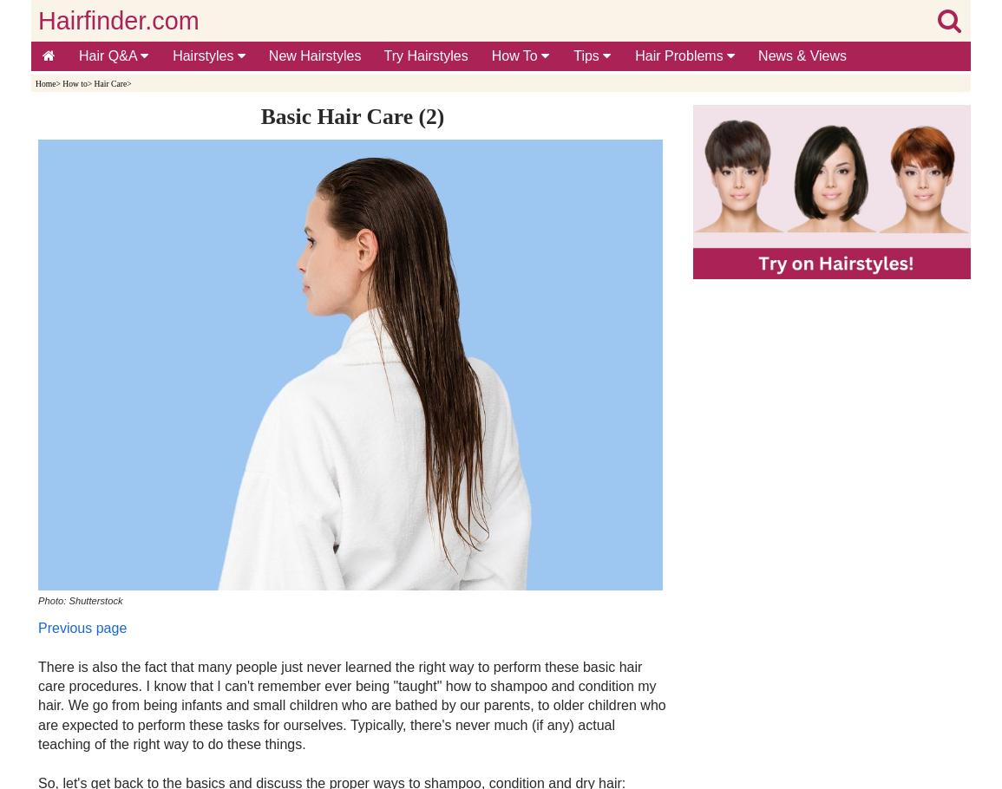  I want to click on 'Hair Care', so click(110, 82).